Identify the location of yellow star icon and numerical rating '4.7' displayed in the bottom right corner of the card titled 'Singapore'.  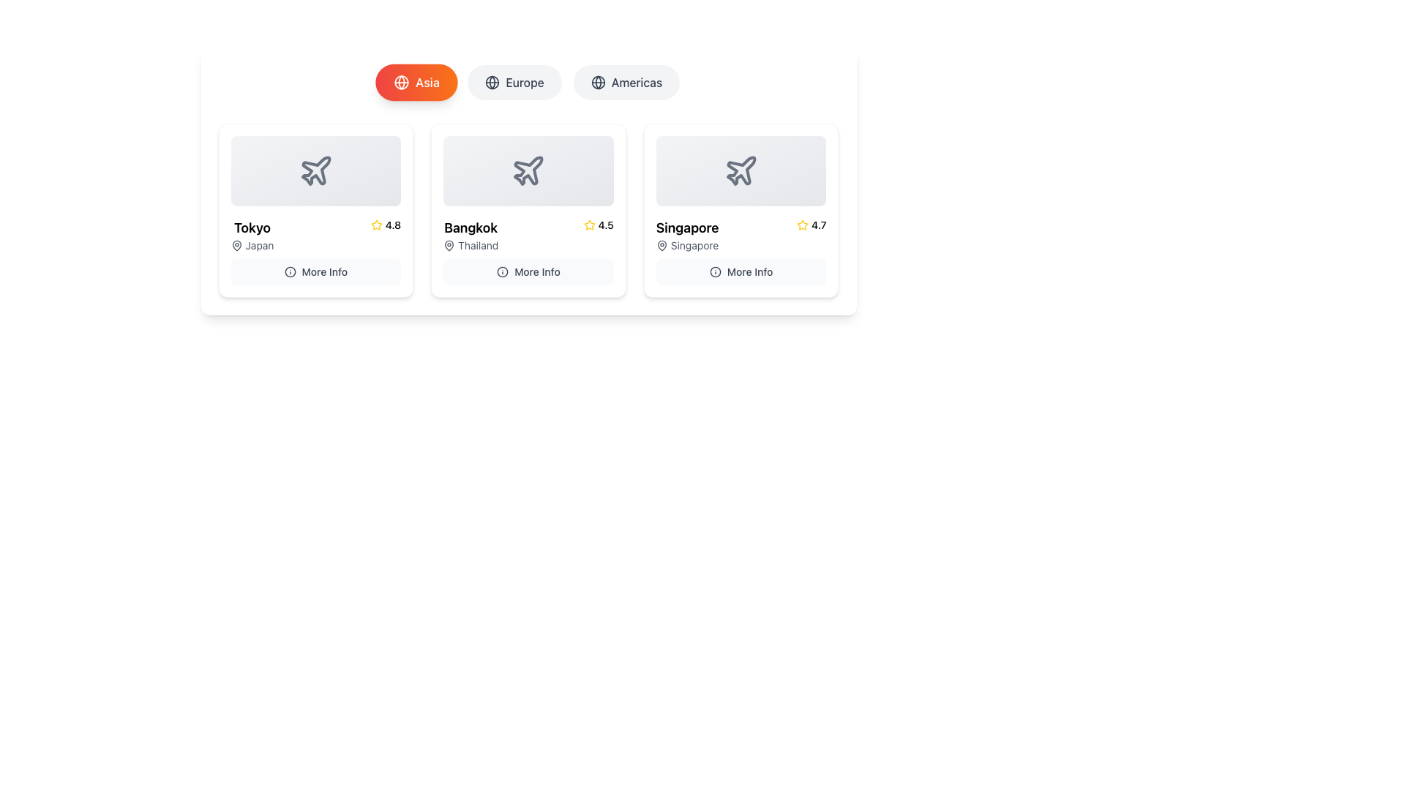
(811, 225).